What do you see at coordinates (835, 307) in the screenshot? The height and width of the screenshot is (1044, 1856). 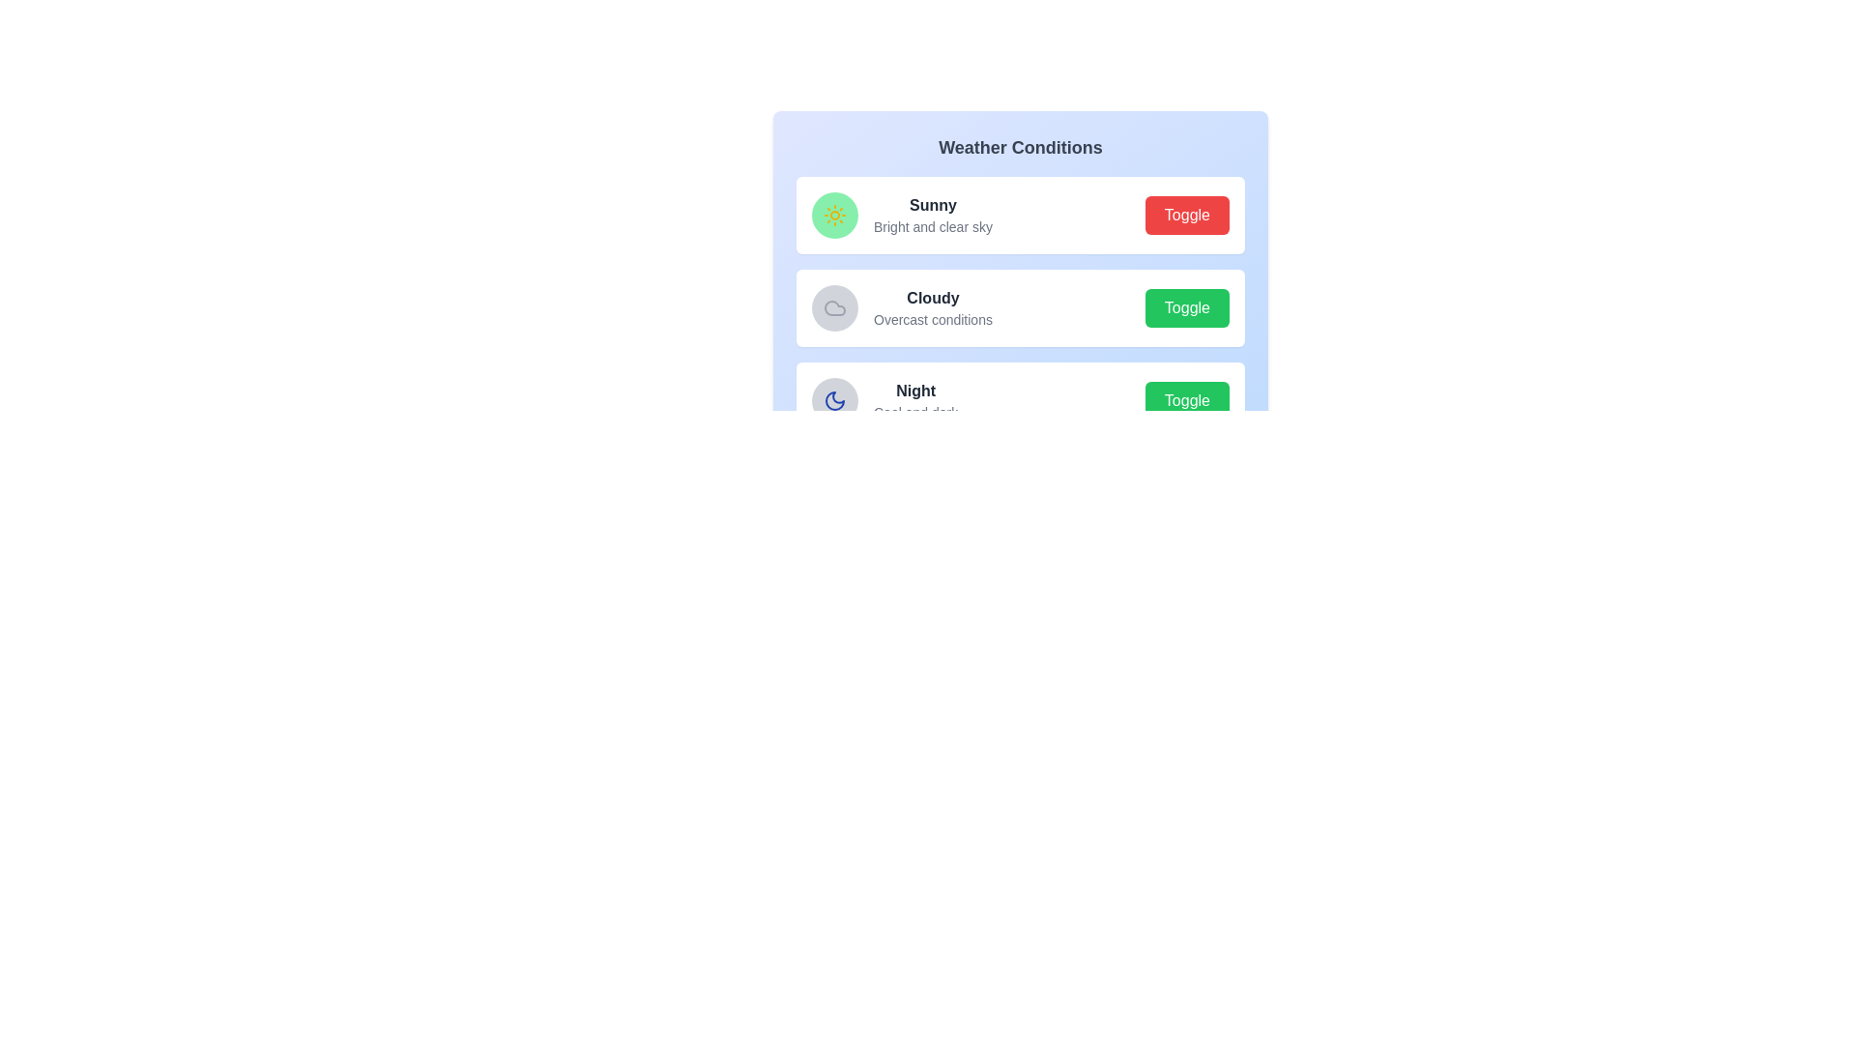 I see `the icon representation of the weather state Cloudy` at bounding box center [835, 307].